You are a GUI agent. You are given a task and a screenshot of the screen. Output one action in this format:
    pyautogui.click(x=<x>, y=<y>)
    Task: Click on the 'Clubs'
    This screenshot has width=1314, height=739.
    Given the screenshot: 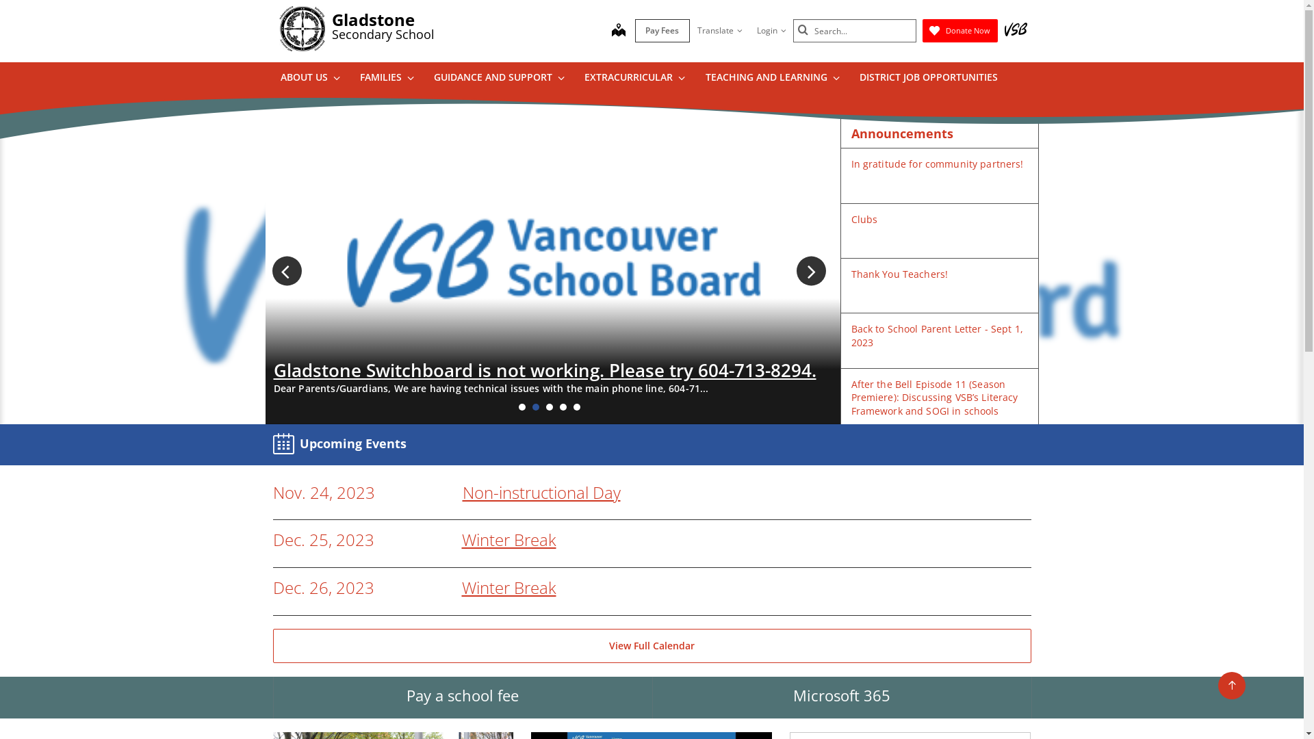 What is the action you would take?
    pyautogui.click(x=864, y=218)
    